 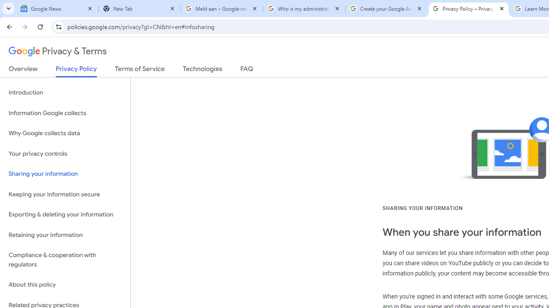 I want to click on 'Create your Google Account', so click(x=386, y=9).